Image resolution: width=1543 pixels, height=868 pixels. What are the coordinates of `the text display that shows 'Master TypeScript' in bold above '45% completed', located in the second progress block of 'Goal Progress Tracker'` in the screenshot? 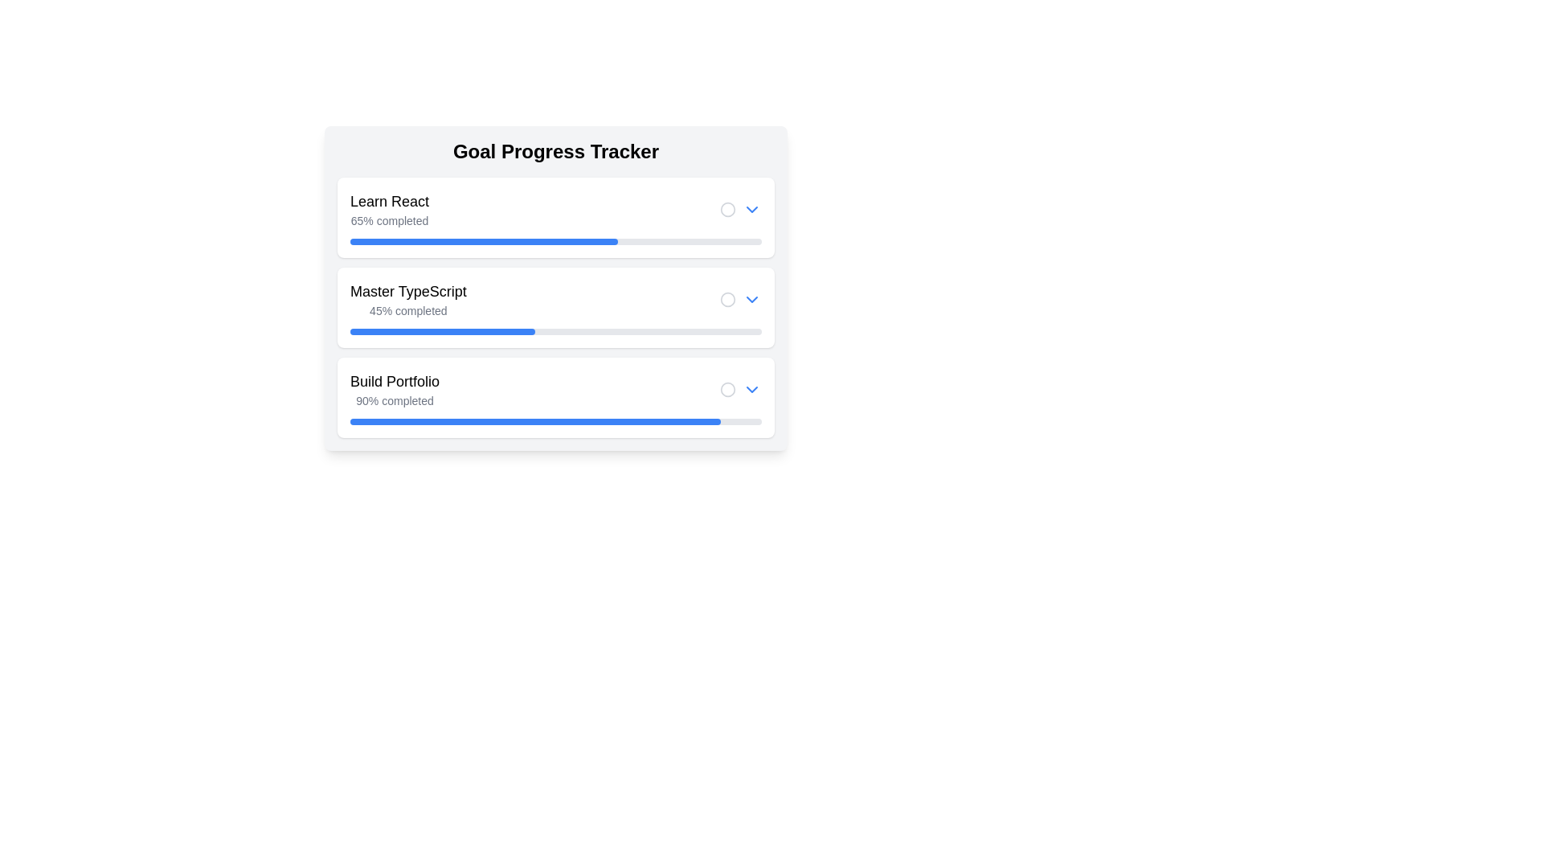 It's located at (408, 300).